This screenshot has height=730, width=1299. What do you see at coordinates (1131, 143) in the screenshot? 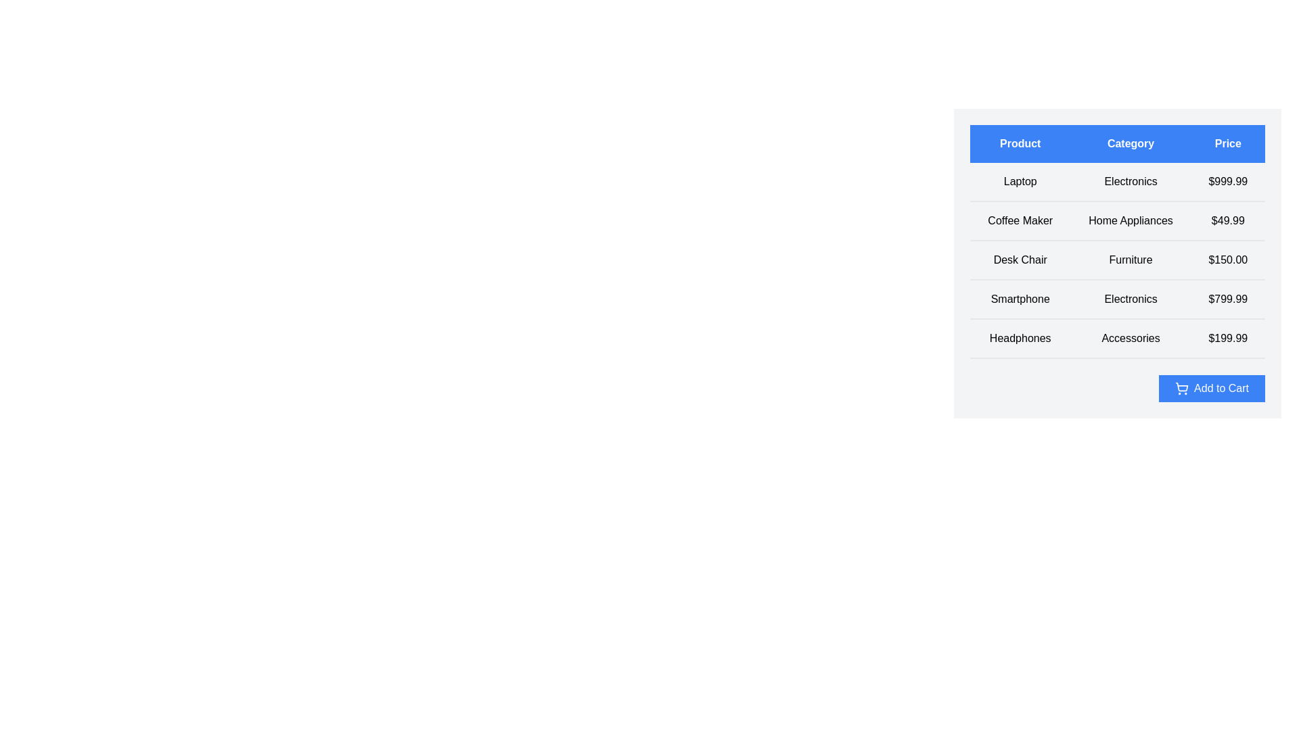
I see `the 'Category' text label, which is displayed in white on a blue rectangular background, positioned in the header bar between 'Product' and 'Price'` at bounding box center [1131, 143].